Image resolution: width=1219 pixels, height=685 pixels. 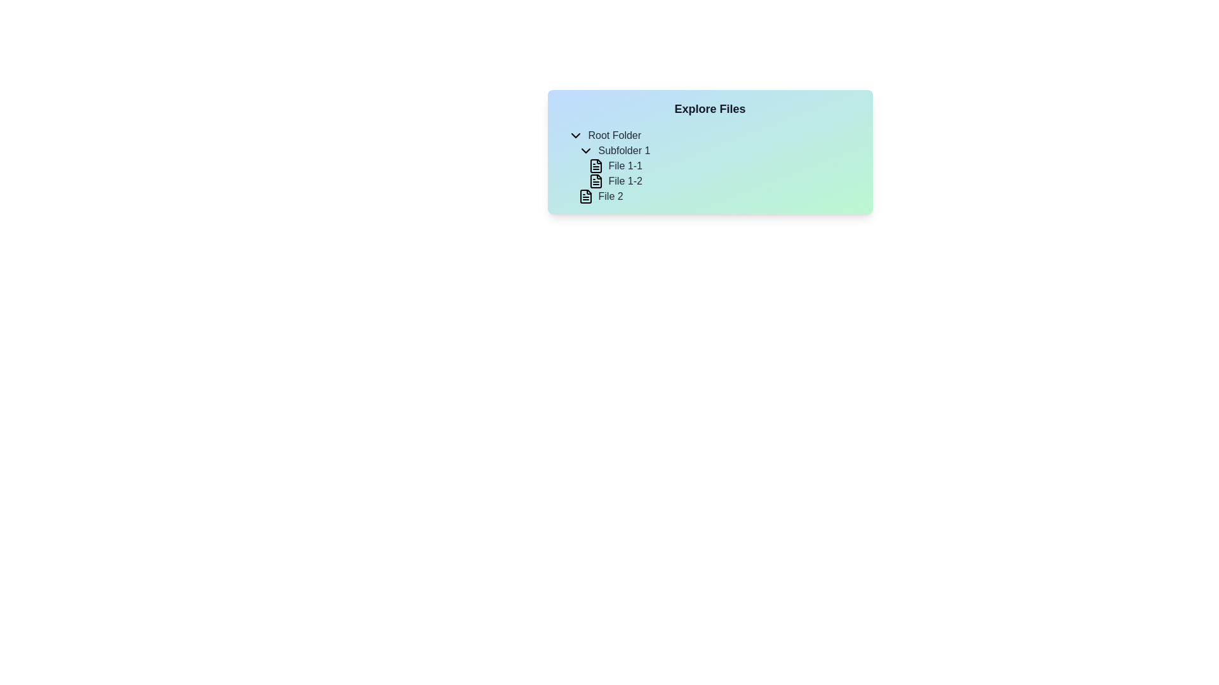 I want to click on the vector graphic icon representing 'File 1-2', located in the sidebar under 'Subfolder 1' and 'Root Folder', so click(x=595, y=181).